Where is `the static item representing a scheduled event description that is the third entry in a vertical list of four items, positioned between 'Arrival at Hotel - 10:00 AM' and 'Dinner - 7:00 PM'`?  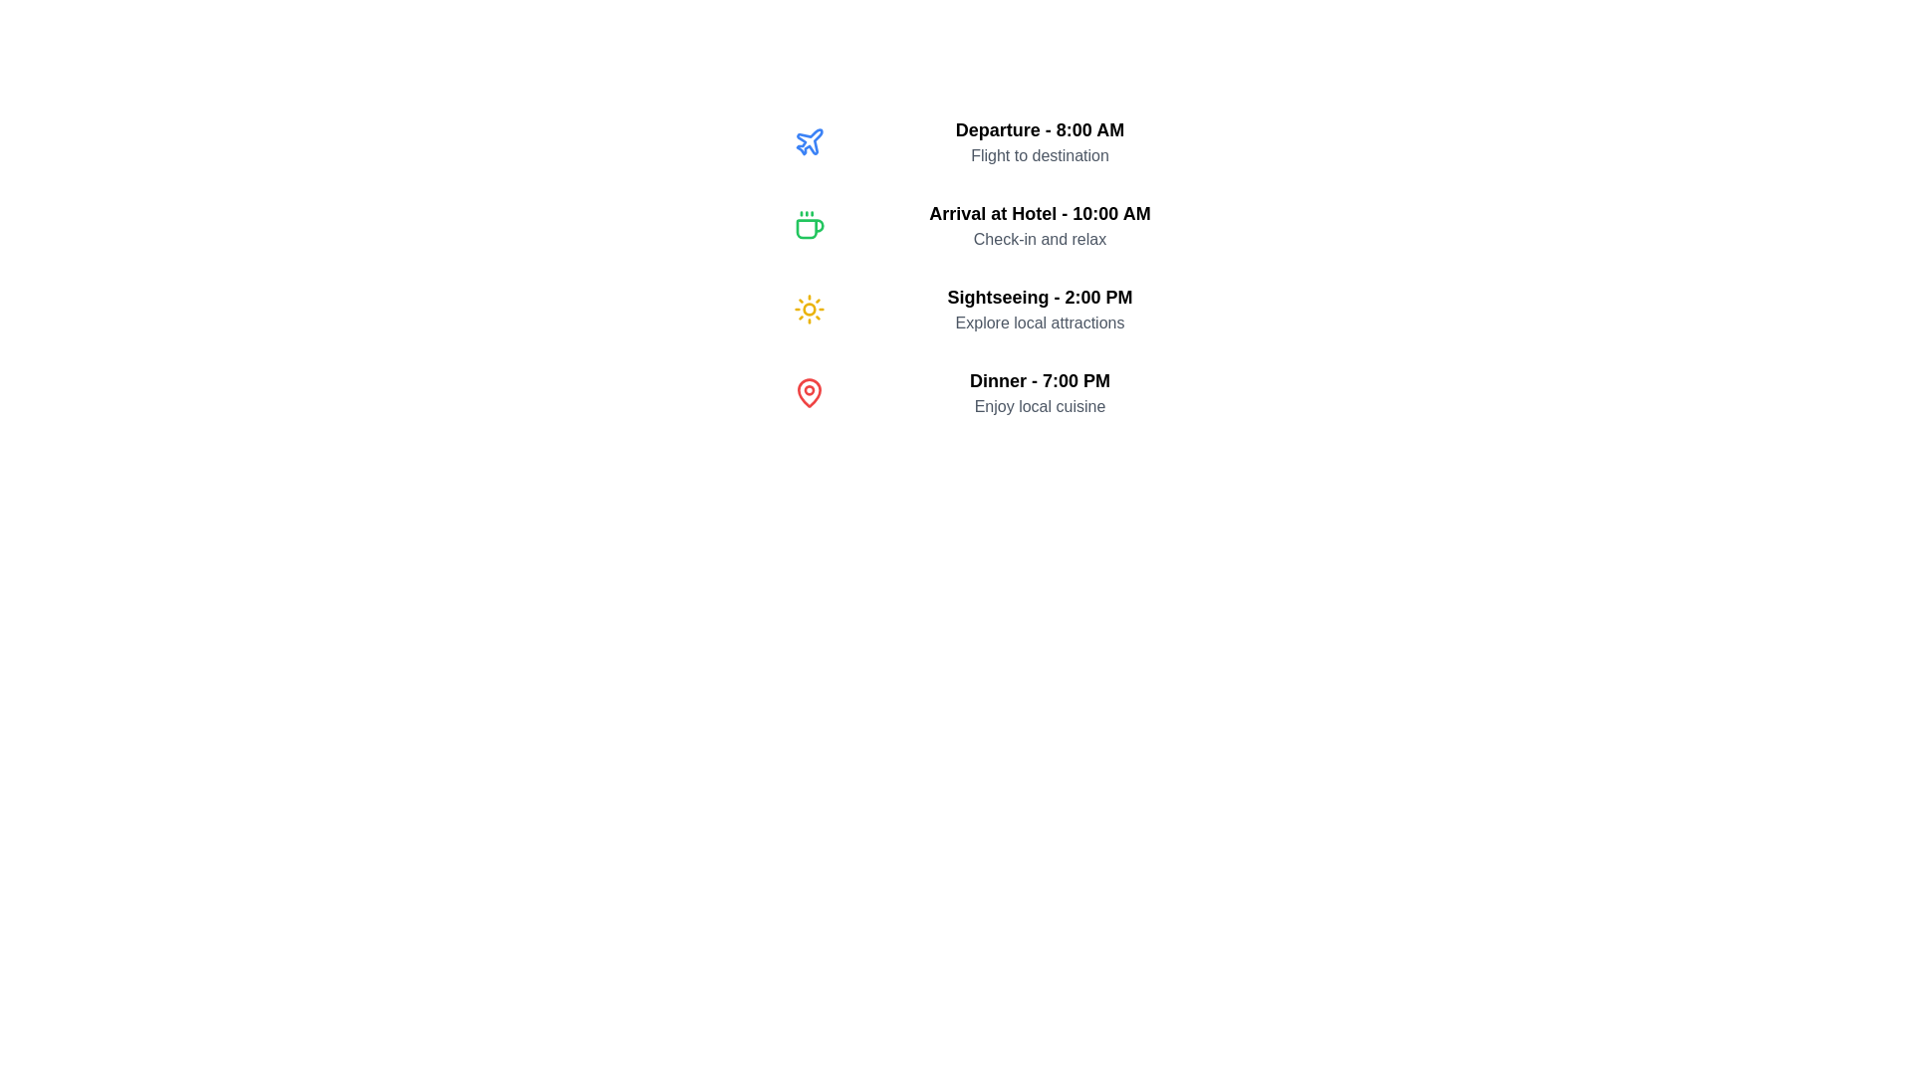 the static item representing a scheduled event description that is the third entry in a vertical list of four items, positioned between 'Arrival at Hotel - 10:00 AM' and 'Dinner - 7:00 PM' is located at coordinates (1016, 310).